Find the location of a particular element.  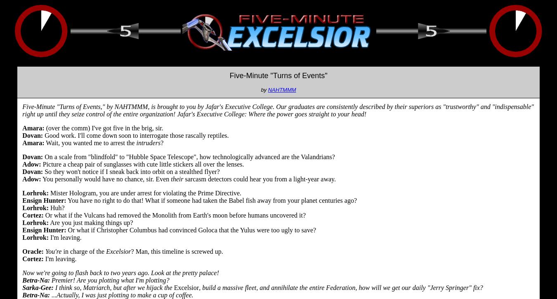

'(over the comm) I've got five in the brig, sir.' is located at coordinates (103, 127).